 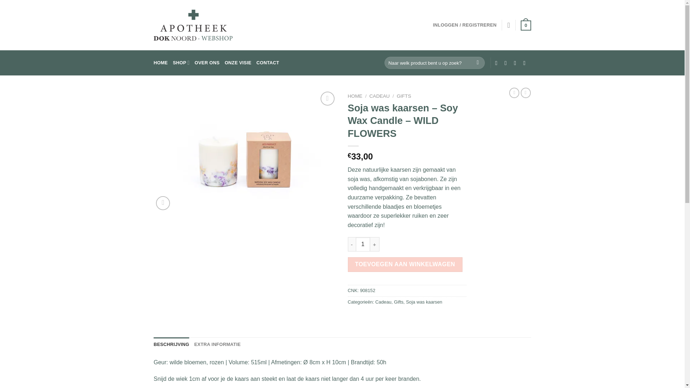 What do you see at coordinates (405, 264) in the screenshot?
I see `'TOEVOEGEN AAN WINKELWAGEN'` at bounding box center [405, 264].